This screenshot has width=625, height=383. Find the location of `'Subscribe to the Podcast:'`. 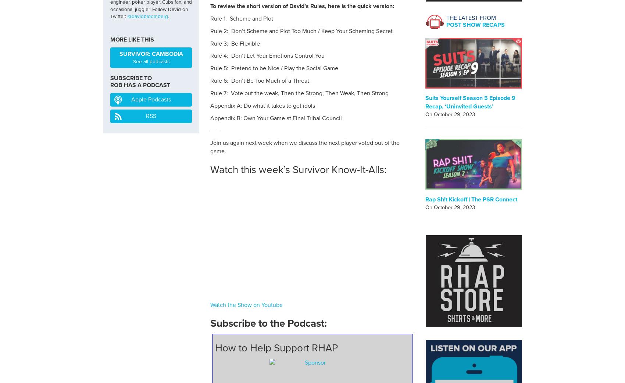

'Subscribe to the Podcast:' is located at coordinates (268, 323).